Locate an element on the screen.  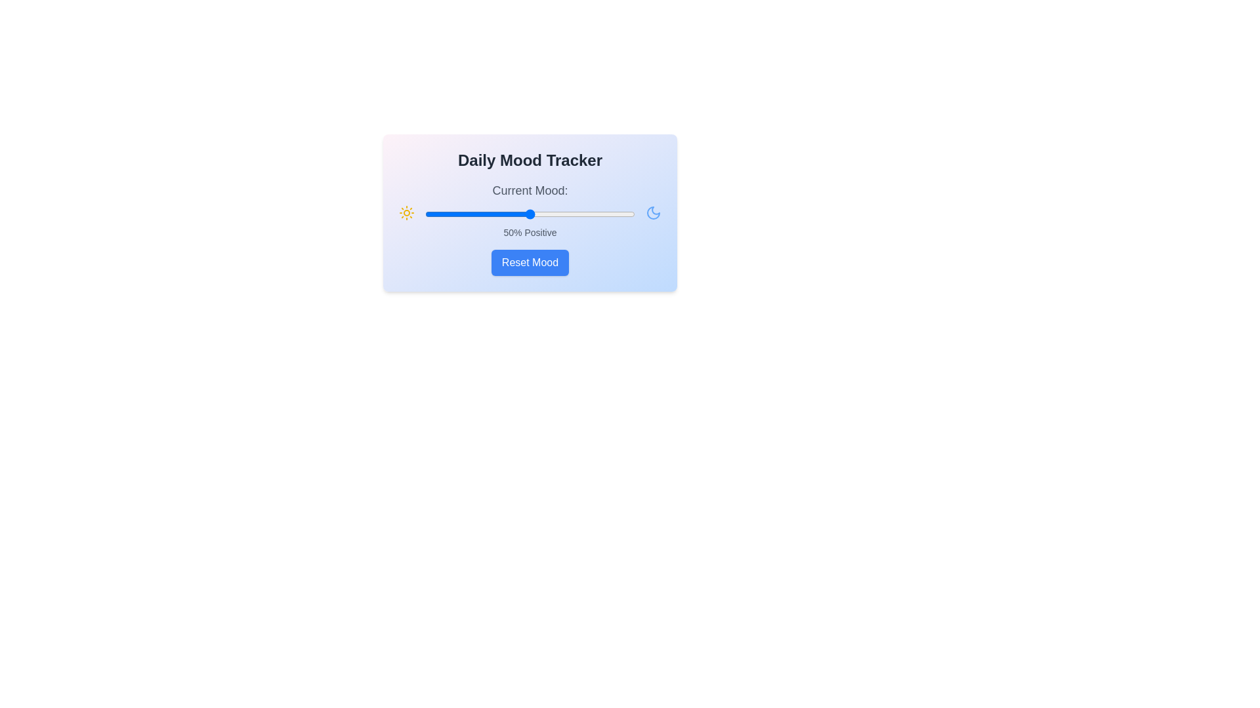
the mood slider is located at coordinates (450, 214).